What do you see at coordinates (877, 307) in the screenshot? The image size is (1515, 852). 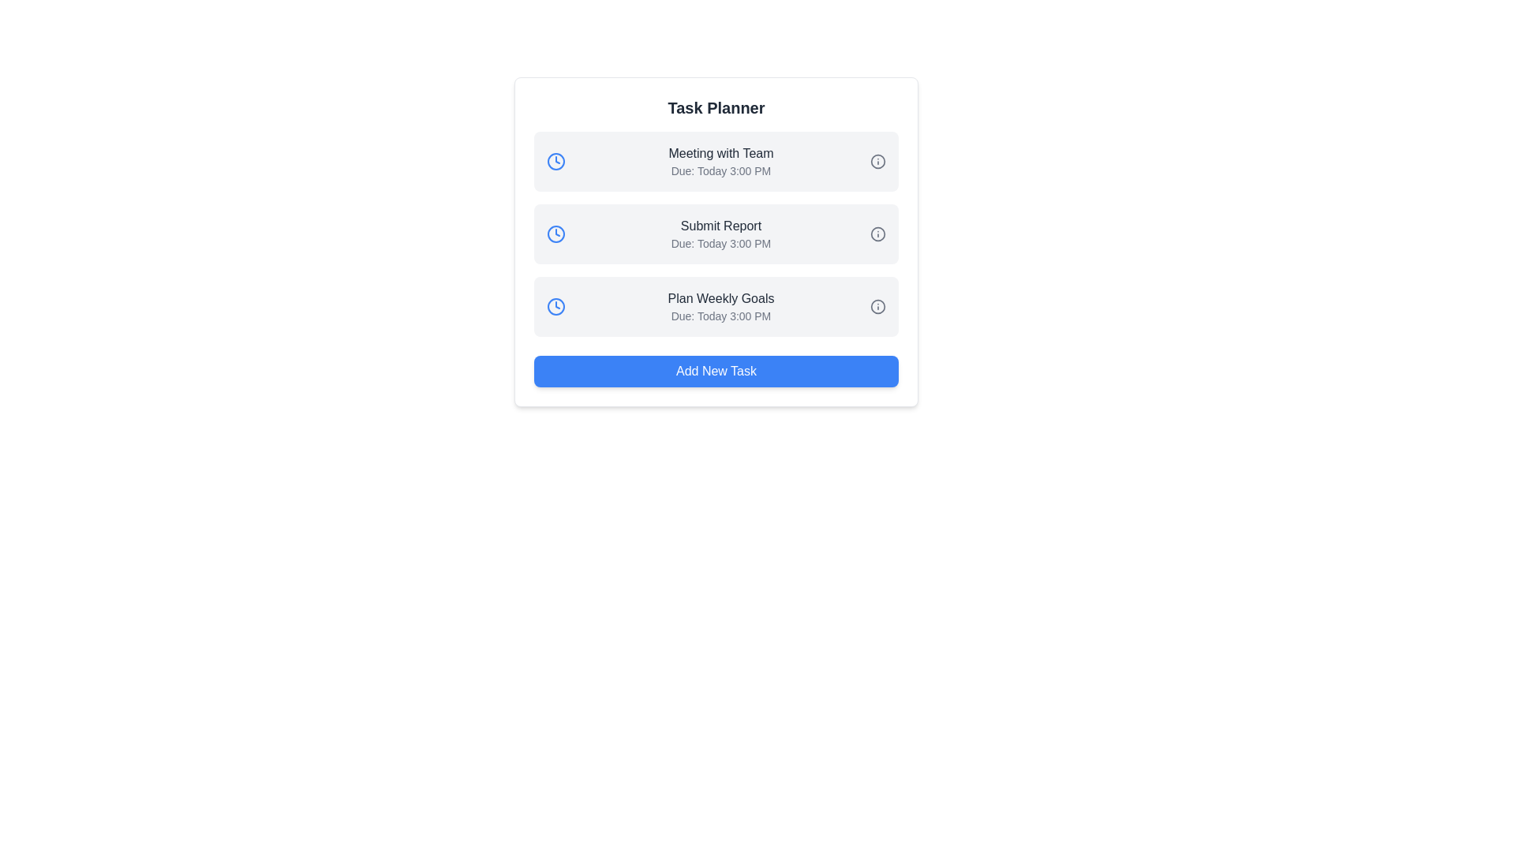 I see `the circular graphical element located on the right side of the 'Plan Weekly Goals' task item in the third task entry of the task list` at bounding box center [877, 307].